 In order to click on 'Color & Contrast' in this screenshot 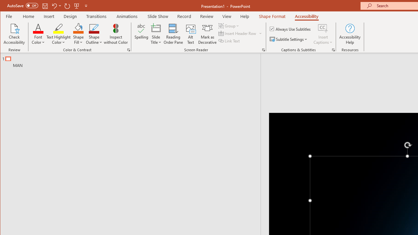, I will do `click(129, 50)`.